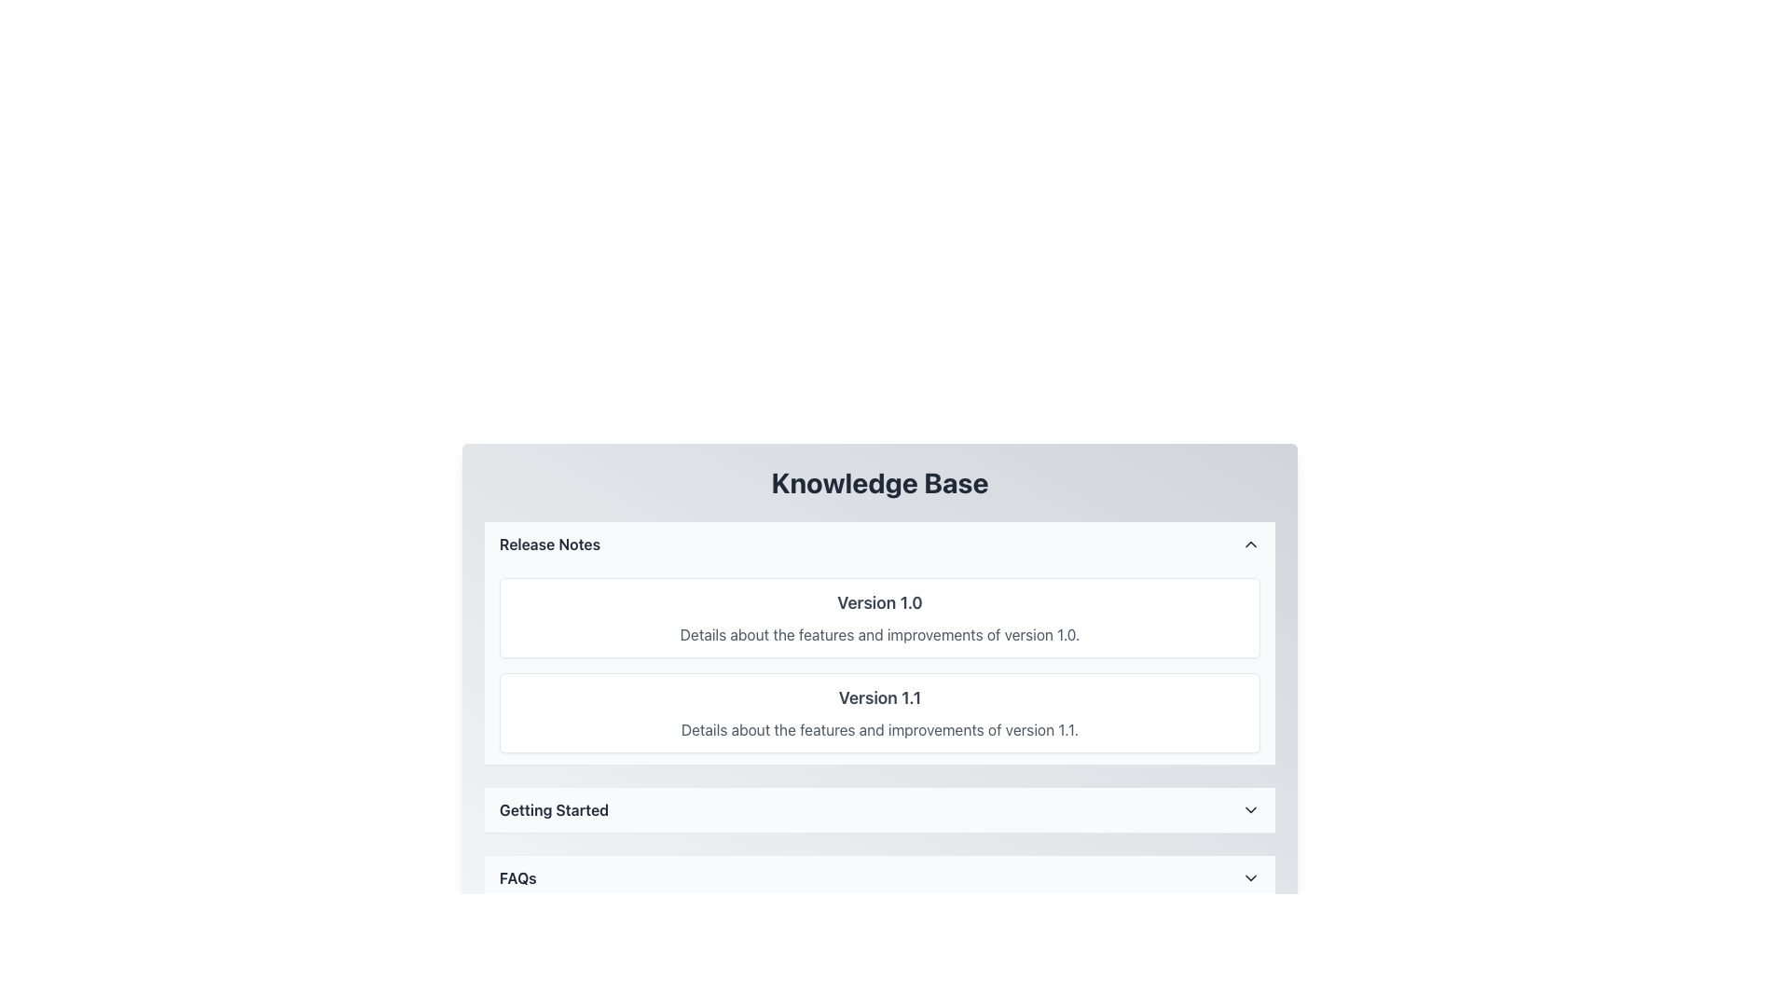 Image resolution: width=1790 pixels, height=1007 pixels. Describe the element at coordinates (553, 808) in the screenshot. I see `the 'Getting Started' text label, which is displayed in bold, dark gray font and is centrally positioned in a horizontal section with a light gray background` at that location.